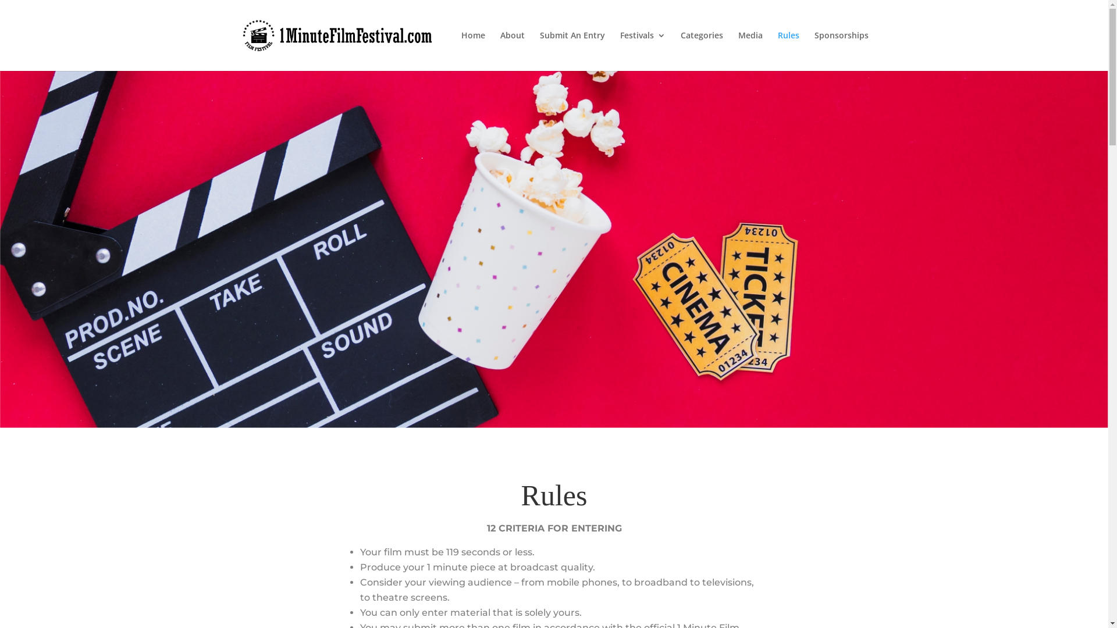 This screenshot has height=628, width=1117. Describe the element at coordinates (841, 51) in the screenshot. I see `'Sponsorships'` at that location.